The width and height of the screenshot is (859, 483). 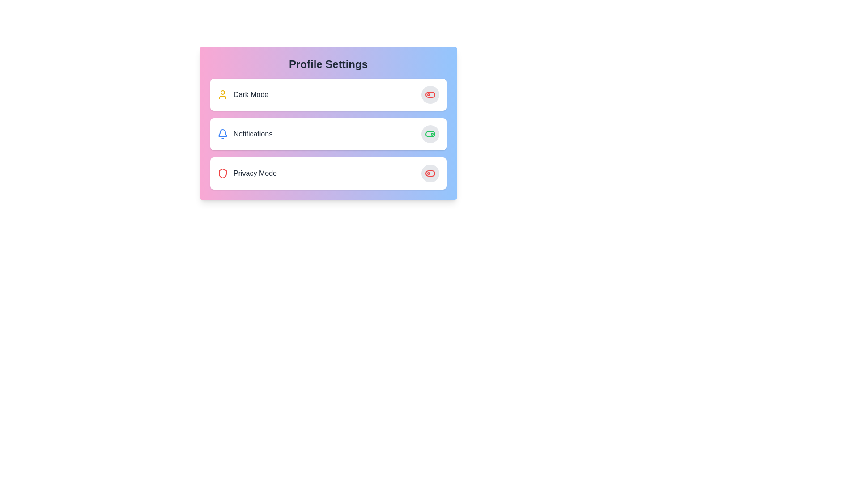 I want to click on the 'Privacy Mode' icon located in the third row of the Profile Settings options, which visually represents the 'Privacy Mode' feature, so click(x=223, y=174).